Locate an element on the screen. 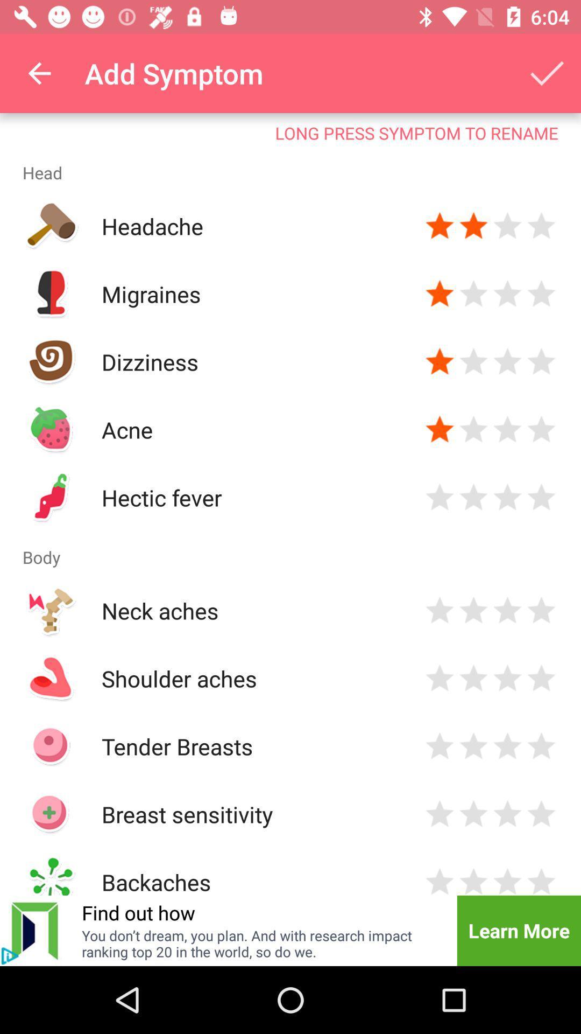 Image resolution: width=581 pixels, height=1034 pixels. rate symptom severity is located at coordinates (440, 677).